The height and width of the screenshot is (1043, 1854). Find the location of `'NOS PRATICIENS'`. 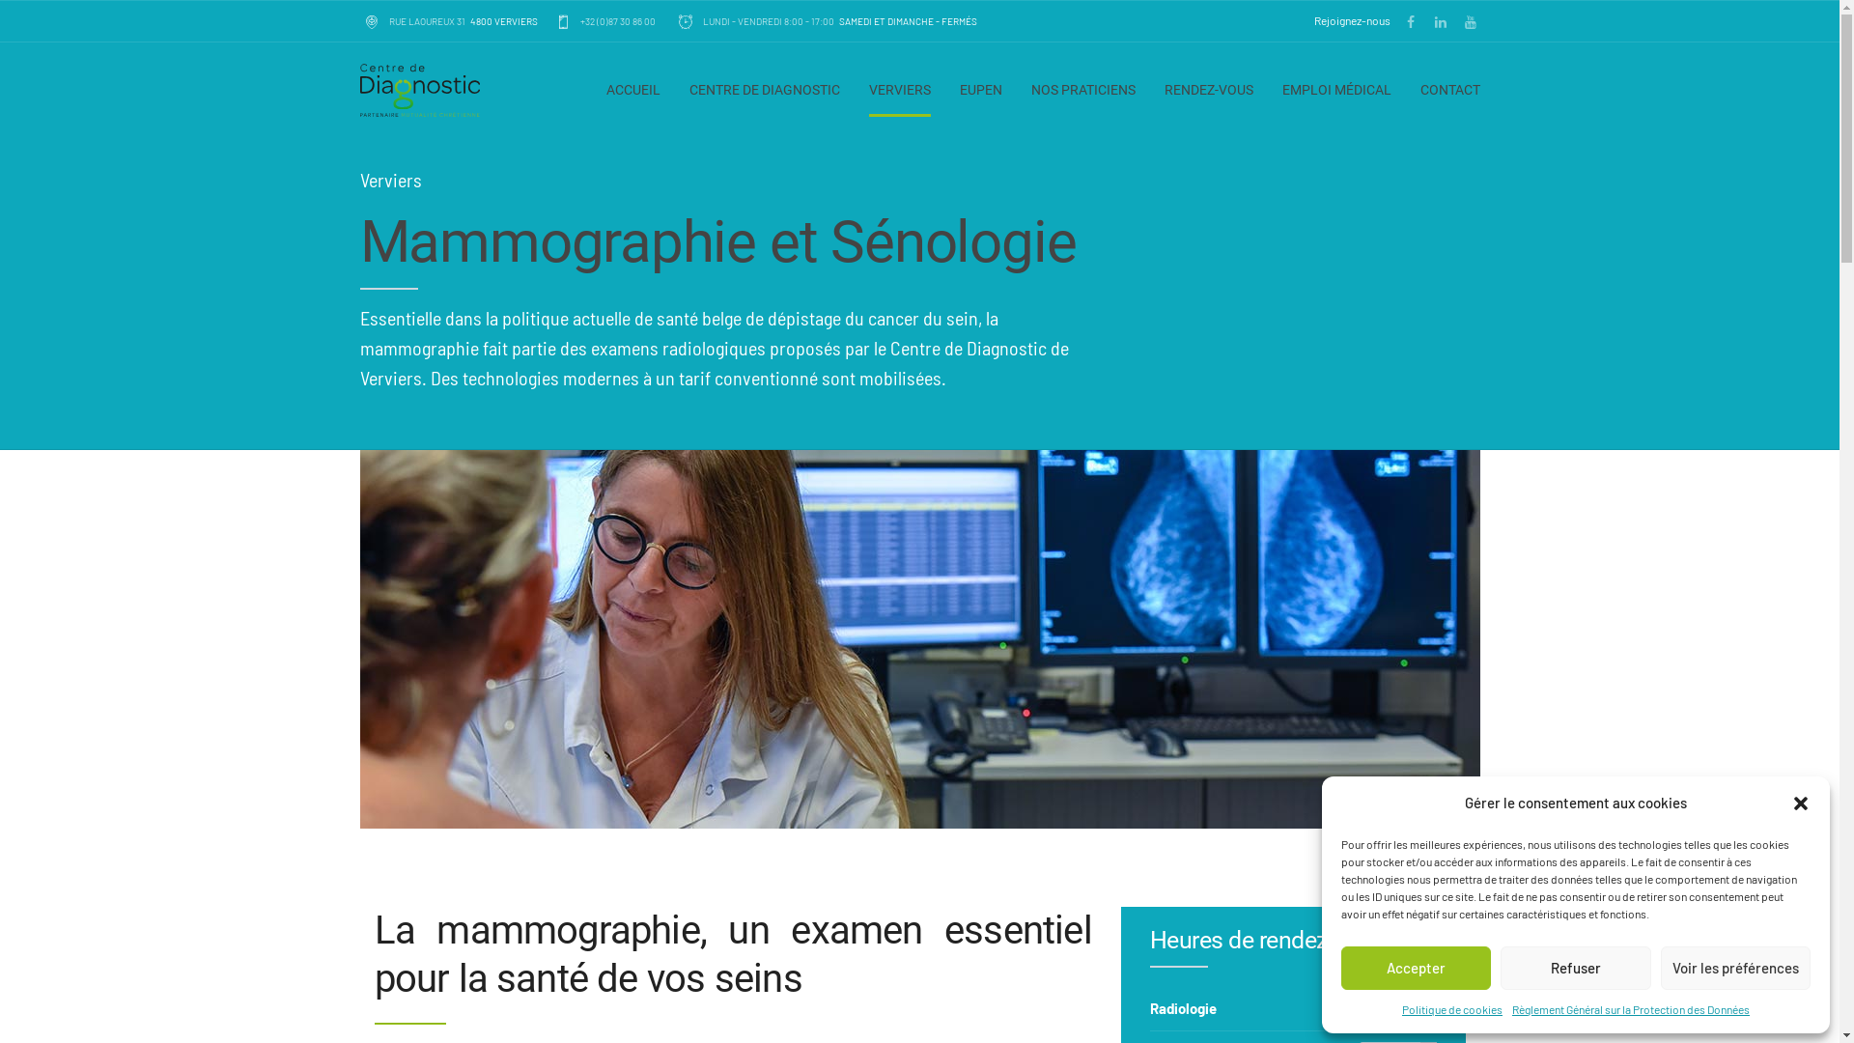

'NOS PRATICIENS' is located at coordinates (1083, 90).